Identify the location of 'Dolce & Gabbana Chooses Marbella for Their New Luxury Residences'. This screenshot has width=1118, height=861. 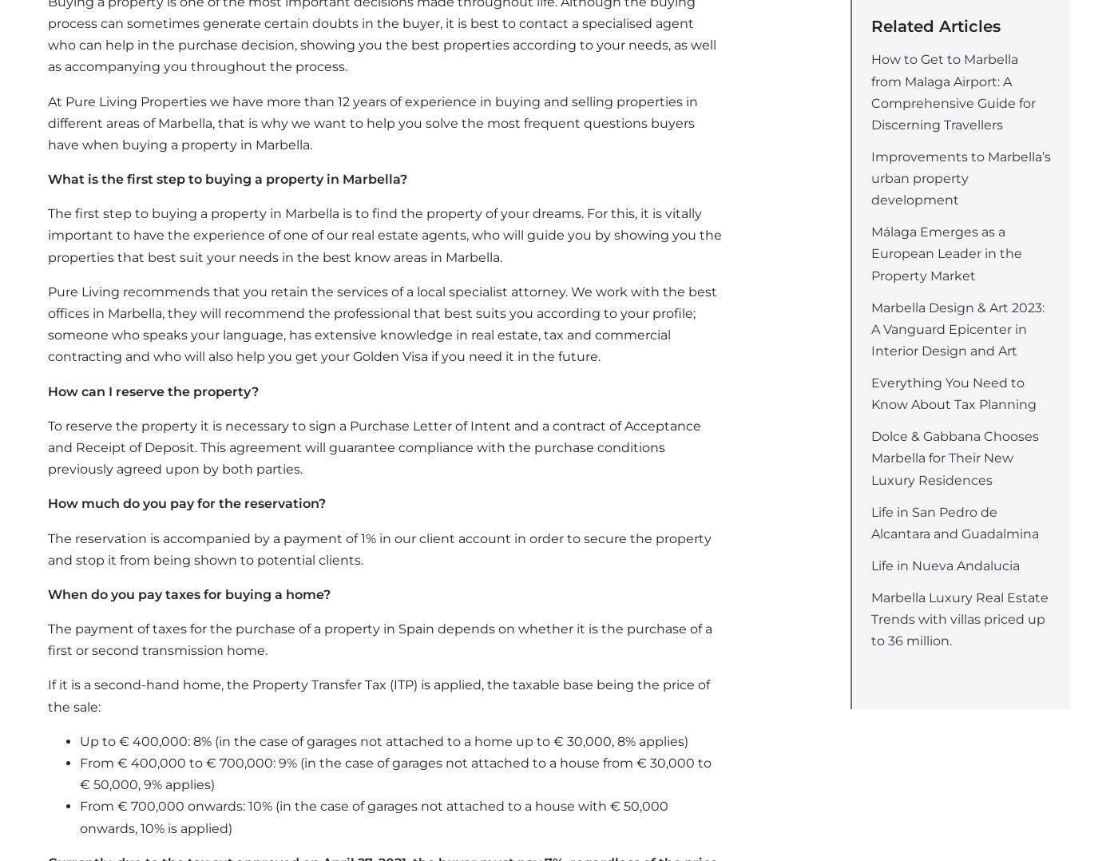
(955, 457).